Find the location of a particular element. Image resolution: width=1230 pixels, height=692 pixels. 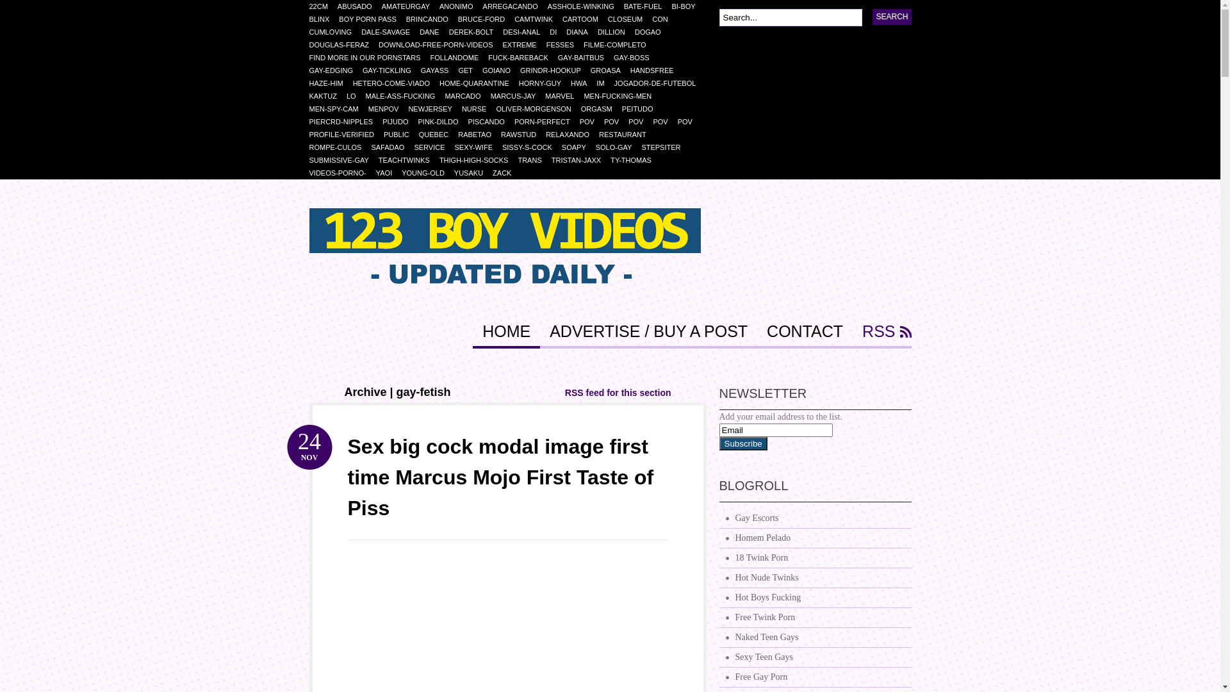

'PEITUDO' is located at coordinates (643, 108).